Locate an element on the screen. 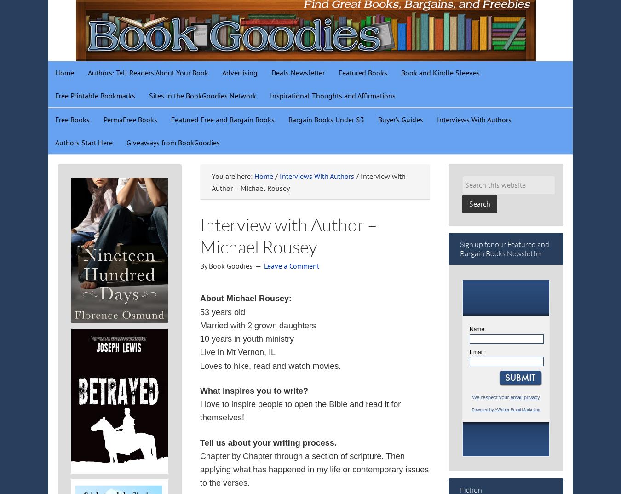 Image resolution: width=621 pixels, height=494 pixels. 'Powered by AWeber Email Marketing' is located at coordinates (506, 409).